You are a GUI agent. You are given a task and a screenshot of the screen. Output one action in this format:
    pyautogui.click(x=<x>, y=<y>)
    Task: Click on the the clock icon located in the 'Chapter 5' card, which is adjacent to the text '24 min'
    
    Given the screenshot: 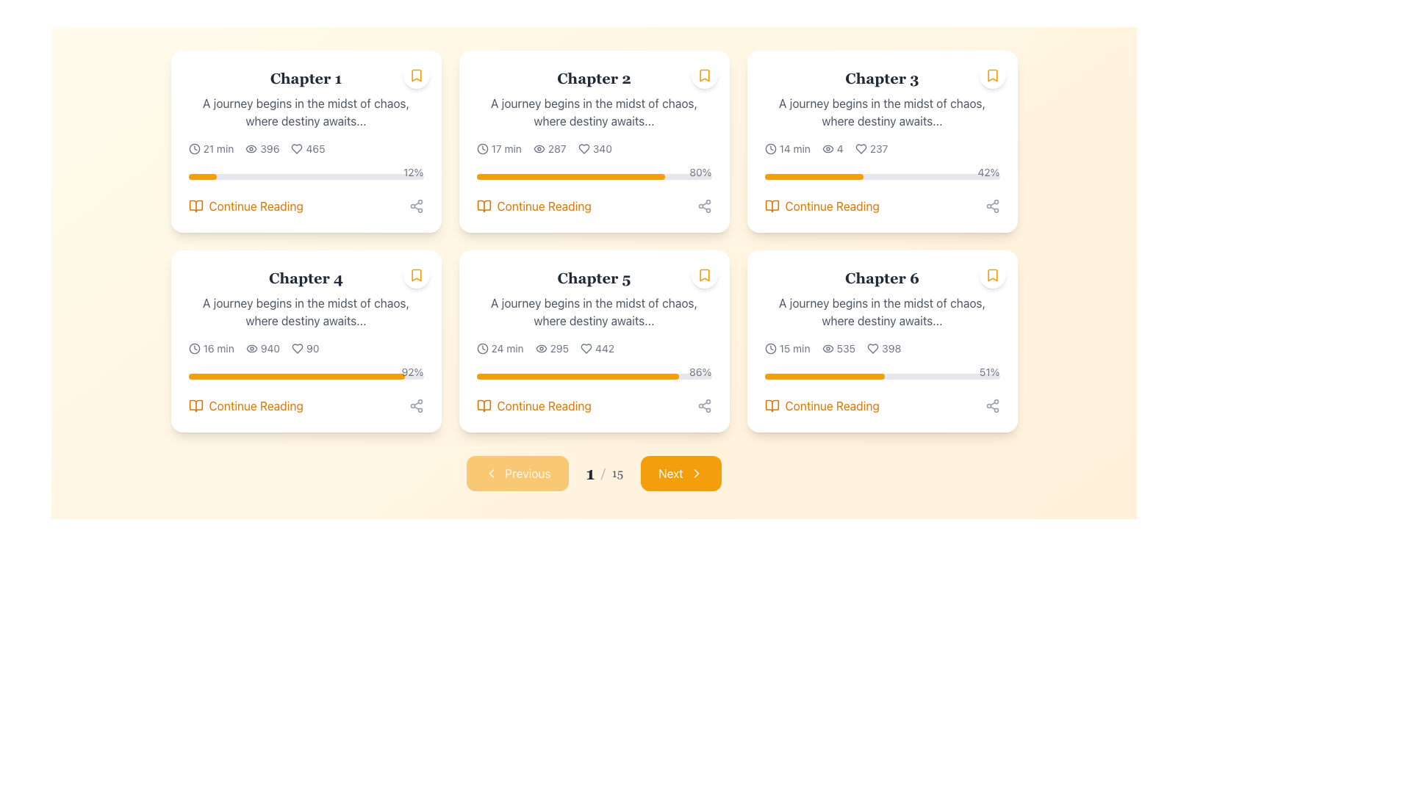 What is the action you would take?
    pyautogui.click(x=482, y=348)
    